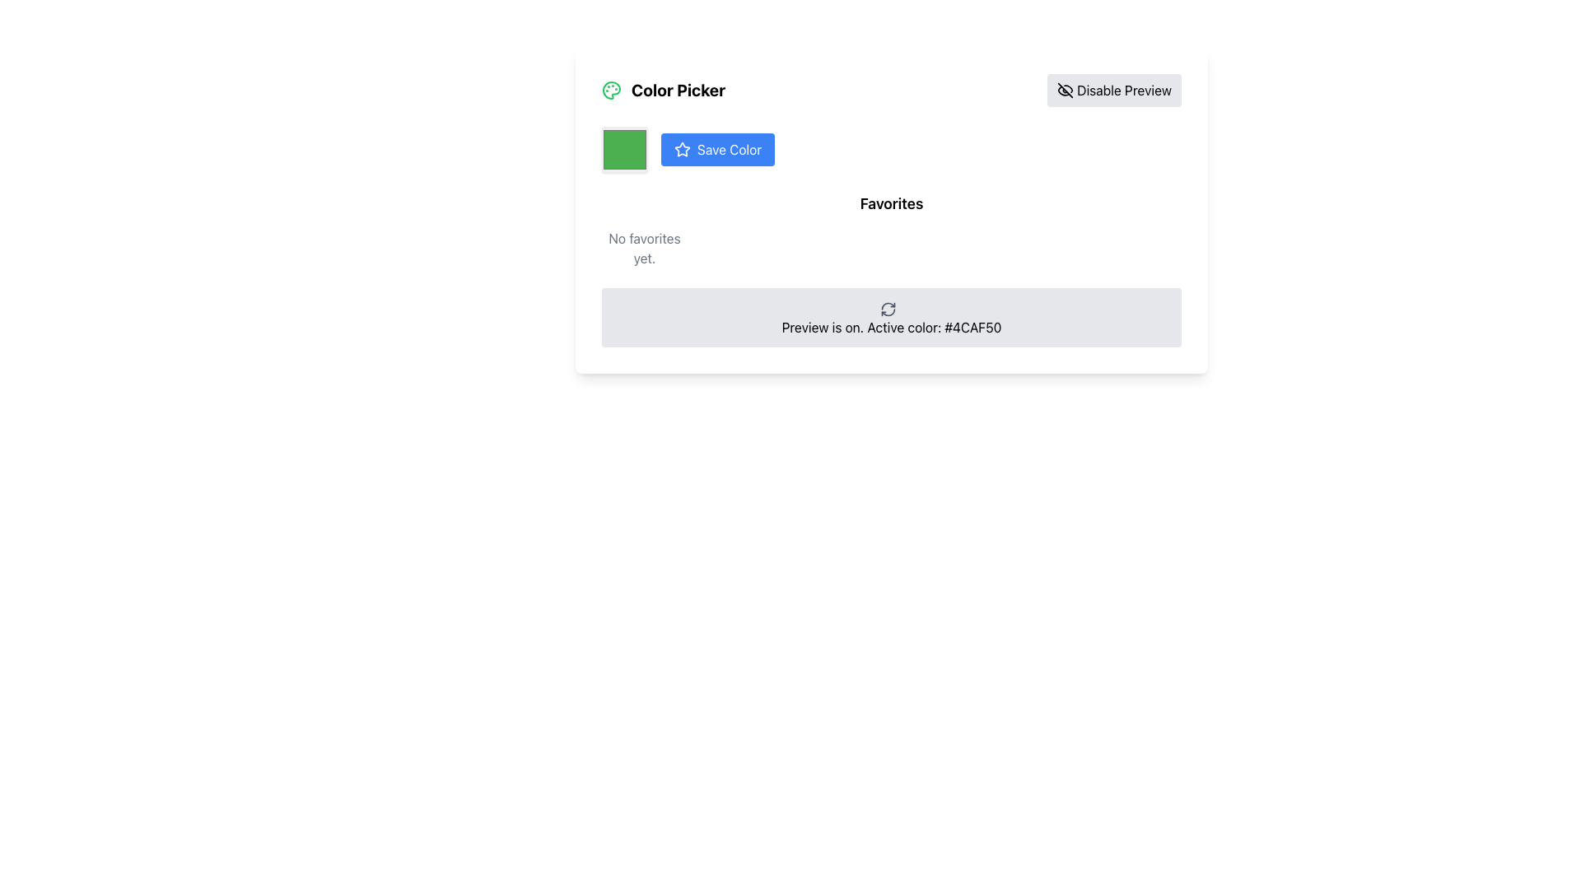 This screenshot has width=1581, height=889. Describe the element at coordinates (623, 149) in the screenshot. I see `the Color display box located at the top-left corner of the interface, which serves as an interactive color selector or display` at that location.